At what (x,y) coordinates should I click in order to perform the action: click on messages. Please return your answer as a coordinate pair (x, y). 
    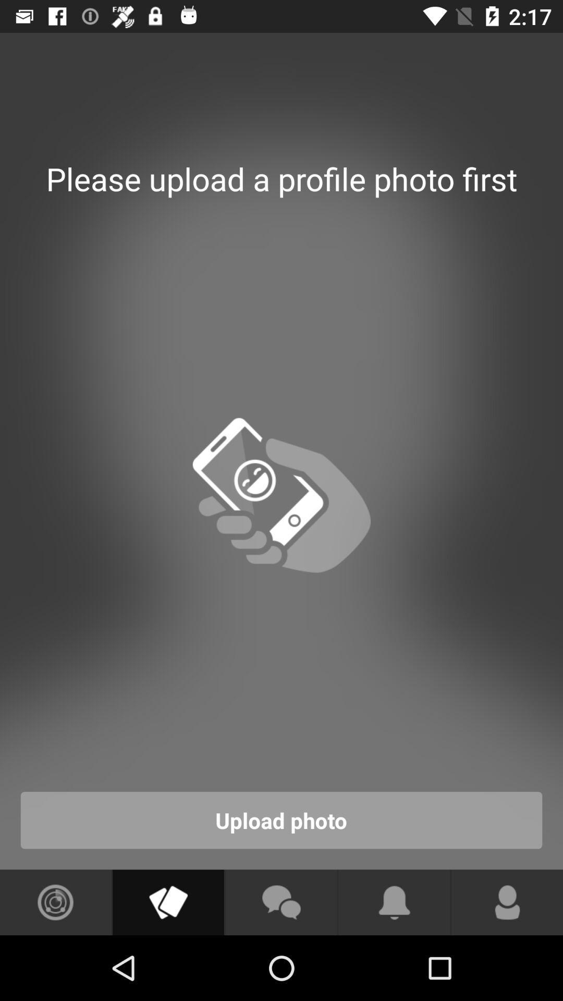
    Looking at the image, I should click on (280, 902).